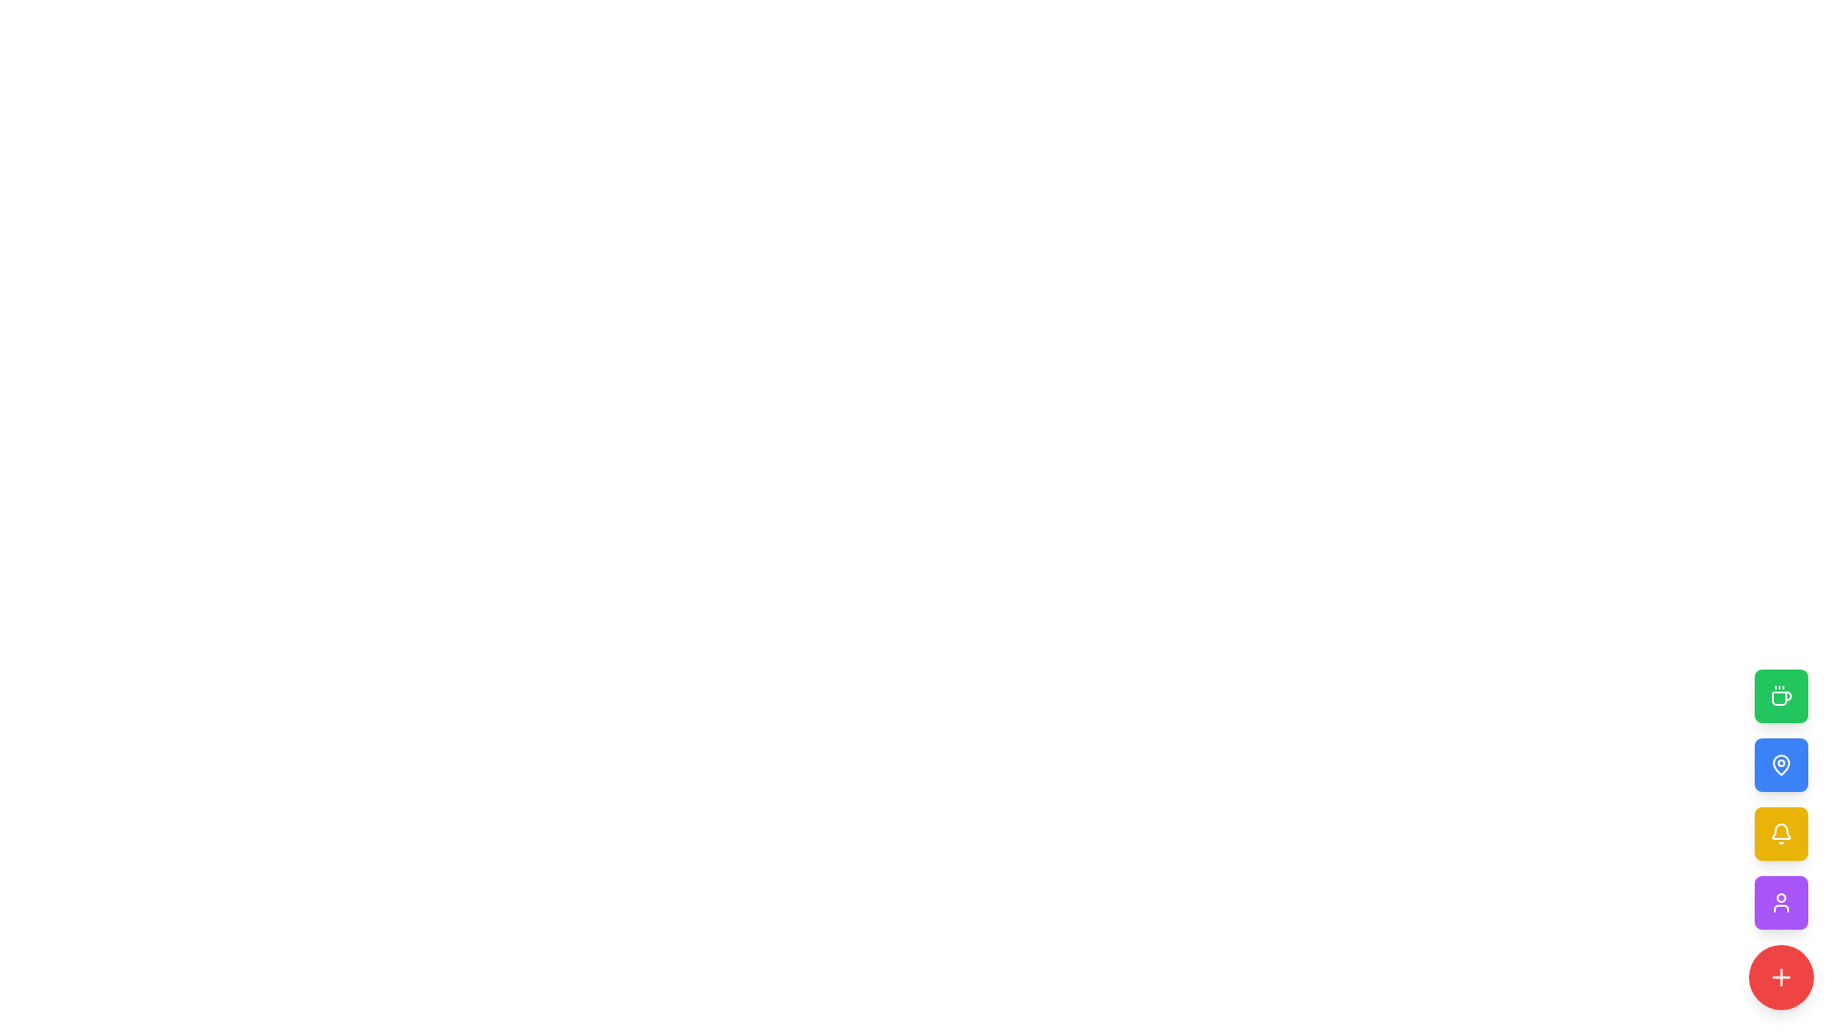  Describe the element at coordinates (1781, 763) in the screenshot. I see `the button located directly below the green coffee cup button and above the yellow bell button` at that location.